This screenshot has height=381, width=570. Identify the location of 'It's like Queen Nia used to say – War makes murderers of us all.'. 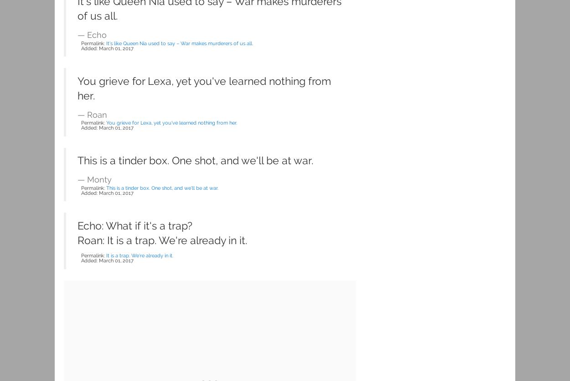
(180, 42).